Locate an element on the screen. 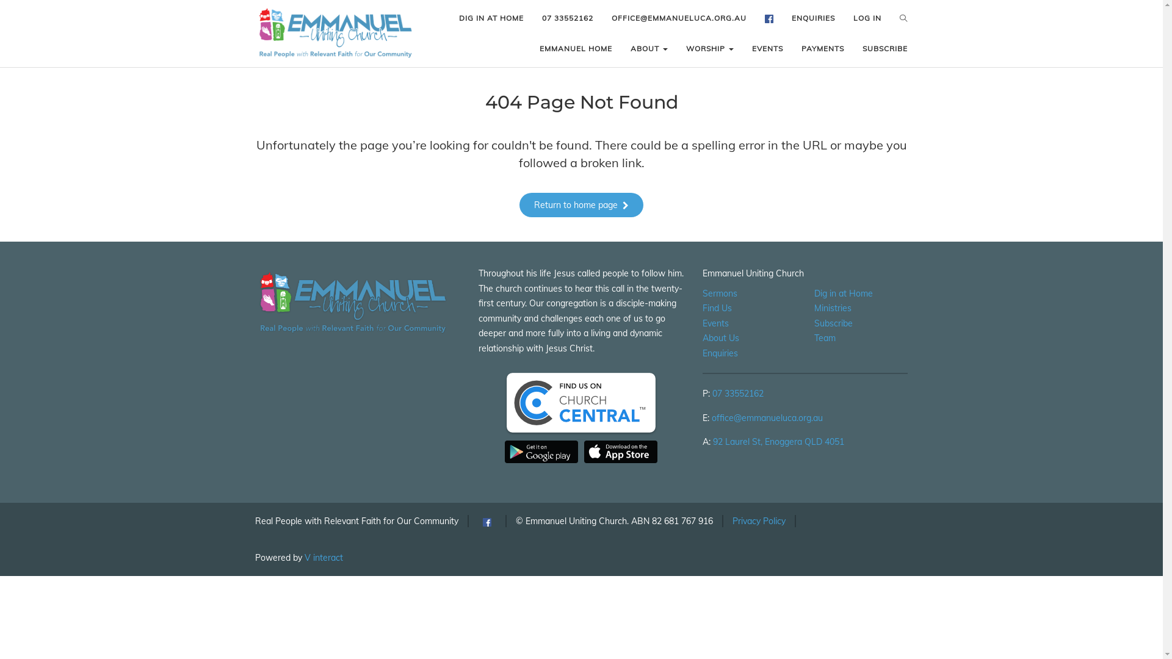 Image resolution: width=1172 pixels, height=659 pixels. 'PAYMENTS' is located at coordinates (792, 48).